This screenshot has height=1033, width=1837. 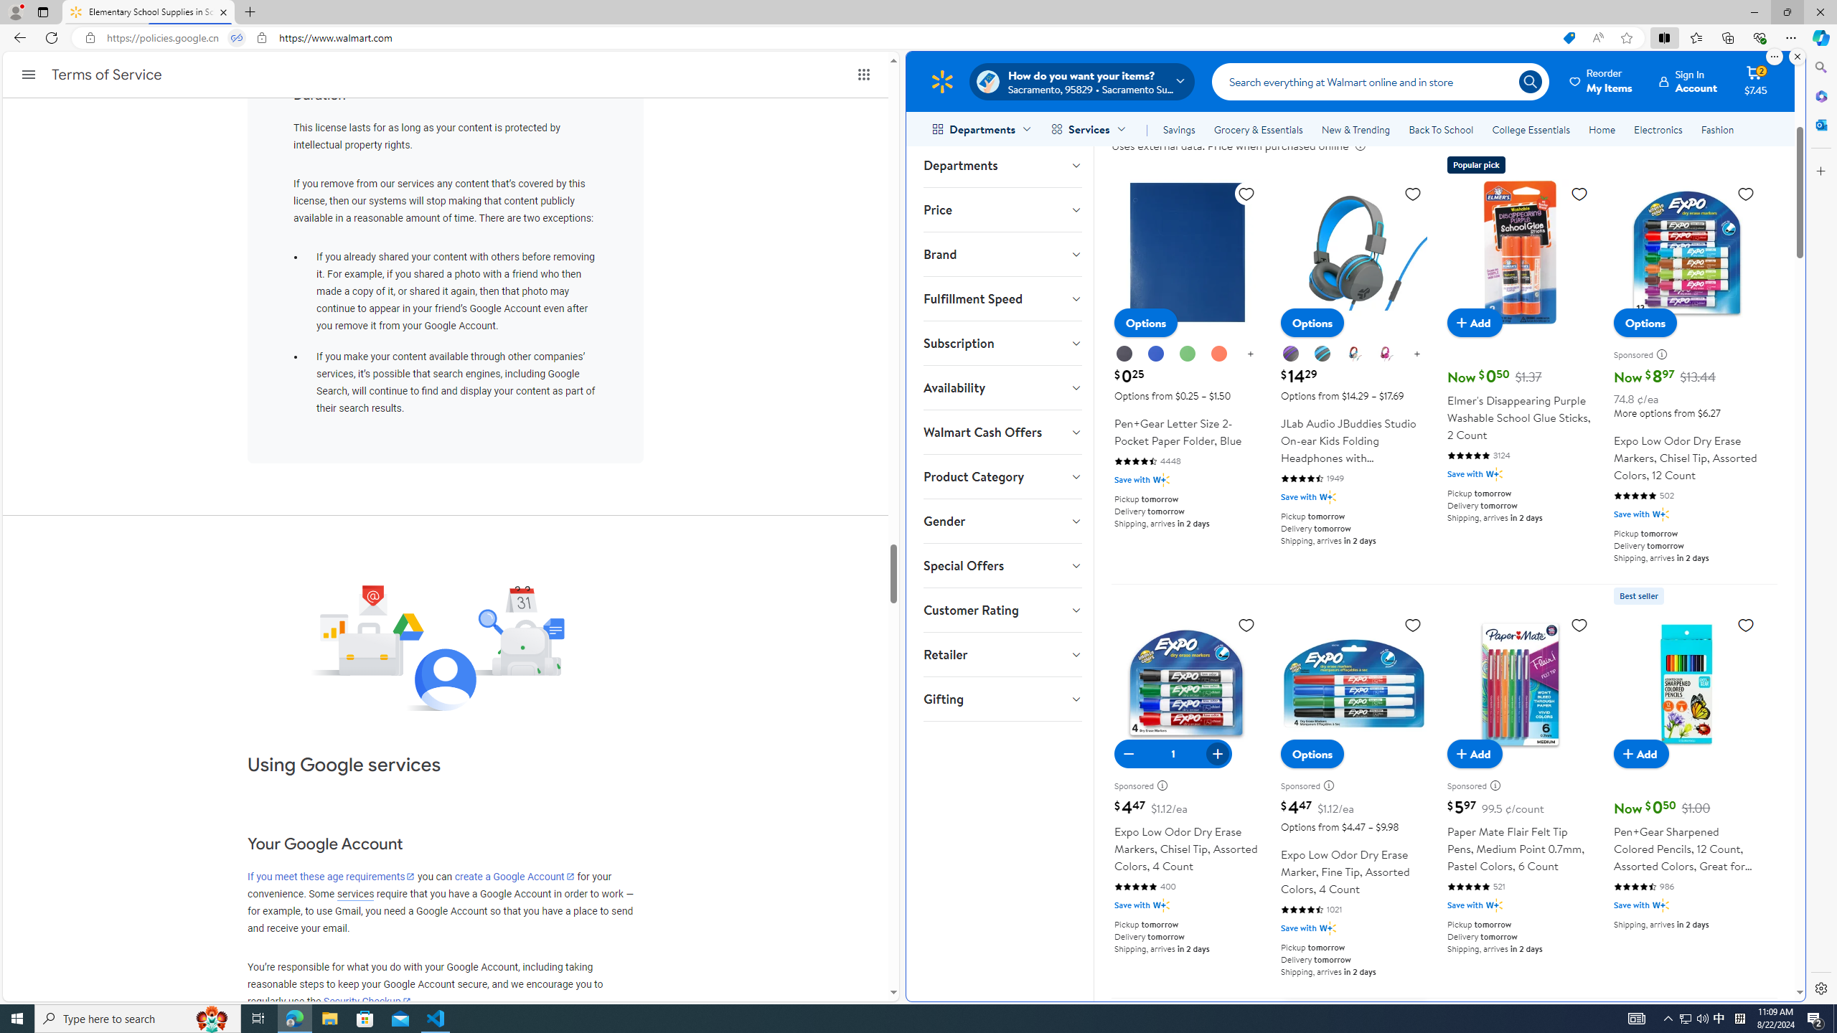 I want to click on 'Customize', so click(x=1819, y=170).